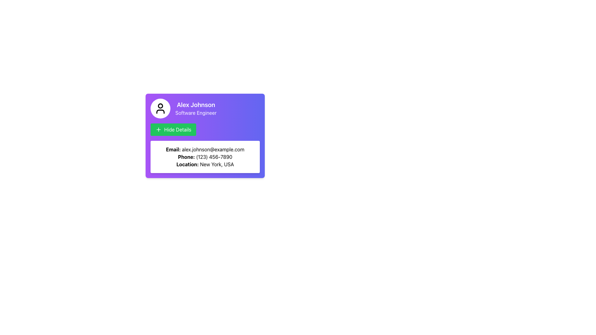 This screenshot has height=335, width=596. What do you see at coordinates (160, 108) in the screenshot?
I see `the user profile icon located at the top-left corner of the user information card, which features a black silhouette inside a white circular background` at bounding box center [160, 108].